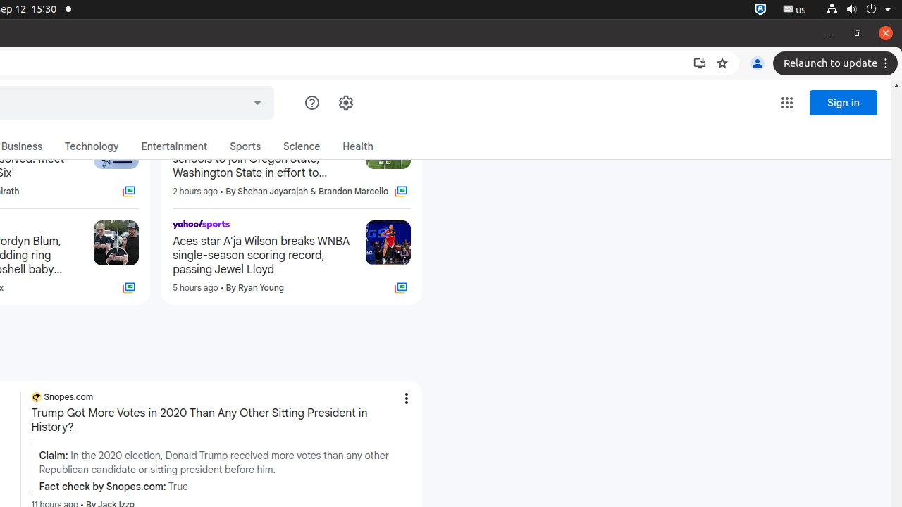 This screenshot has width=902, height=507. Describe the element at coordinates (837, 63) in the screenshot. I see `'Relaunch to update'` at that location.